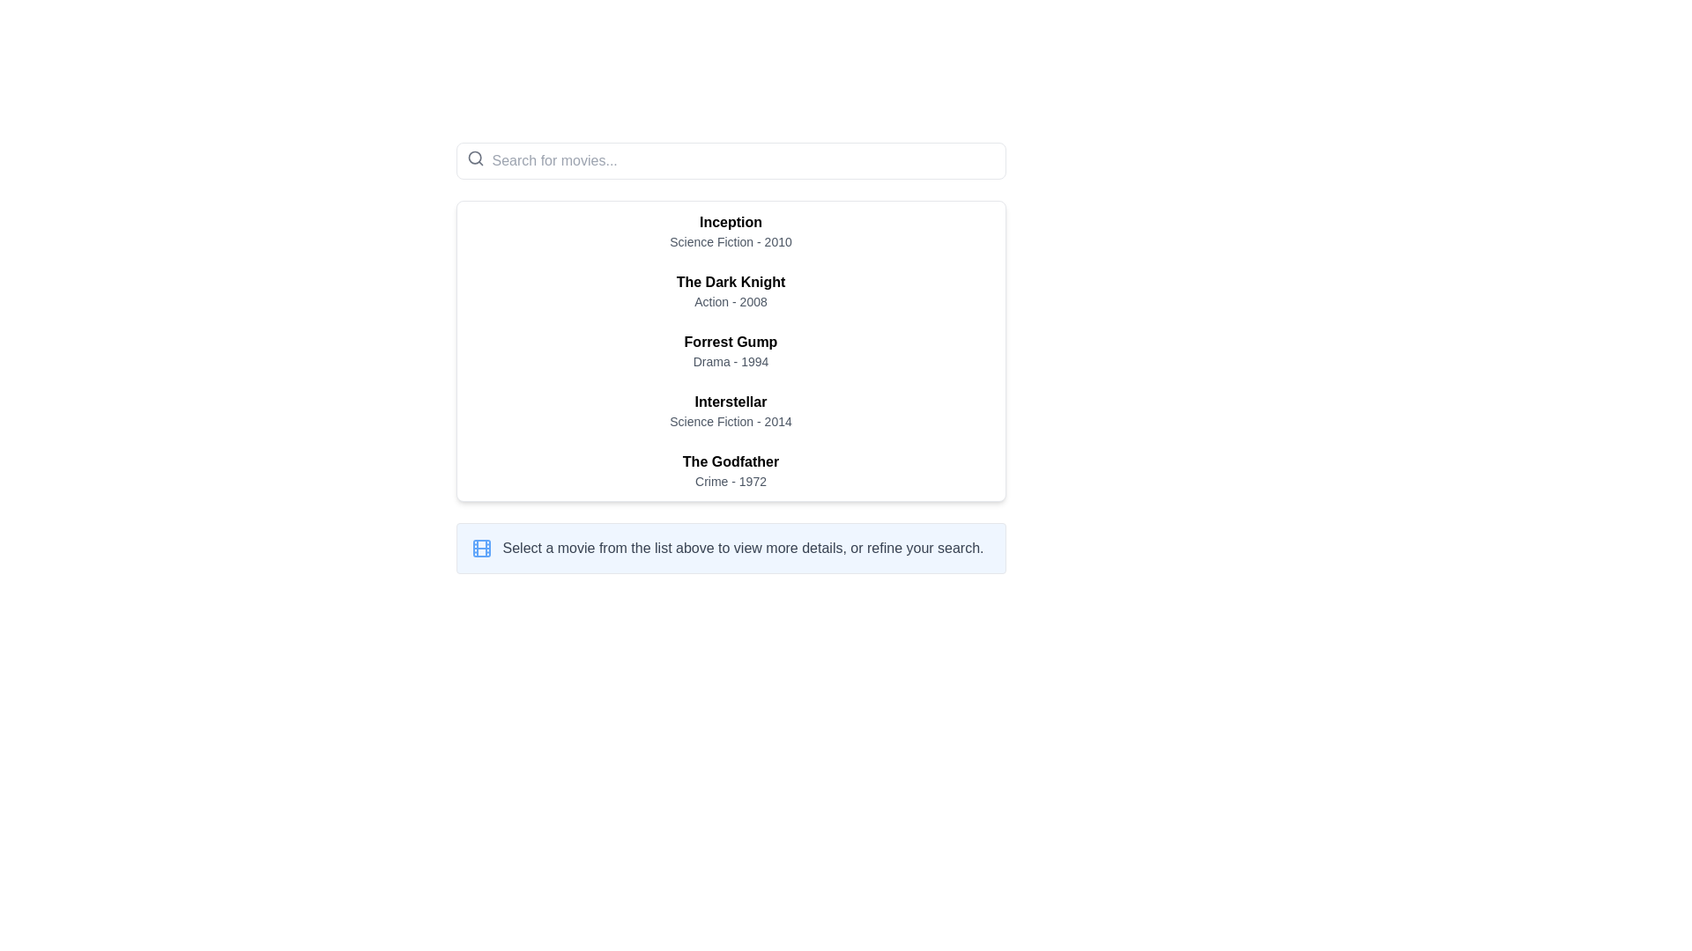  I want to click on bold, sans-serif text element 'Interstellar', which is the fourth item in a vertical list of movie entries, so click(731, 402).